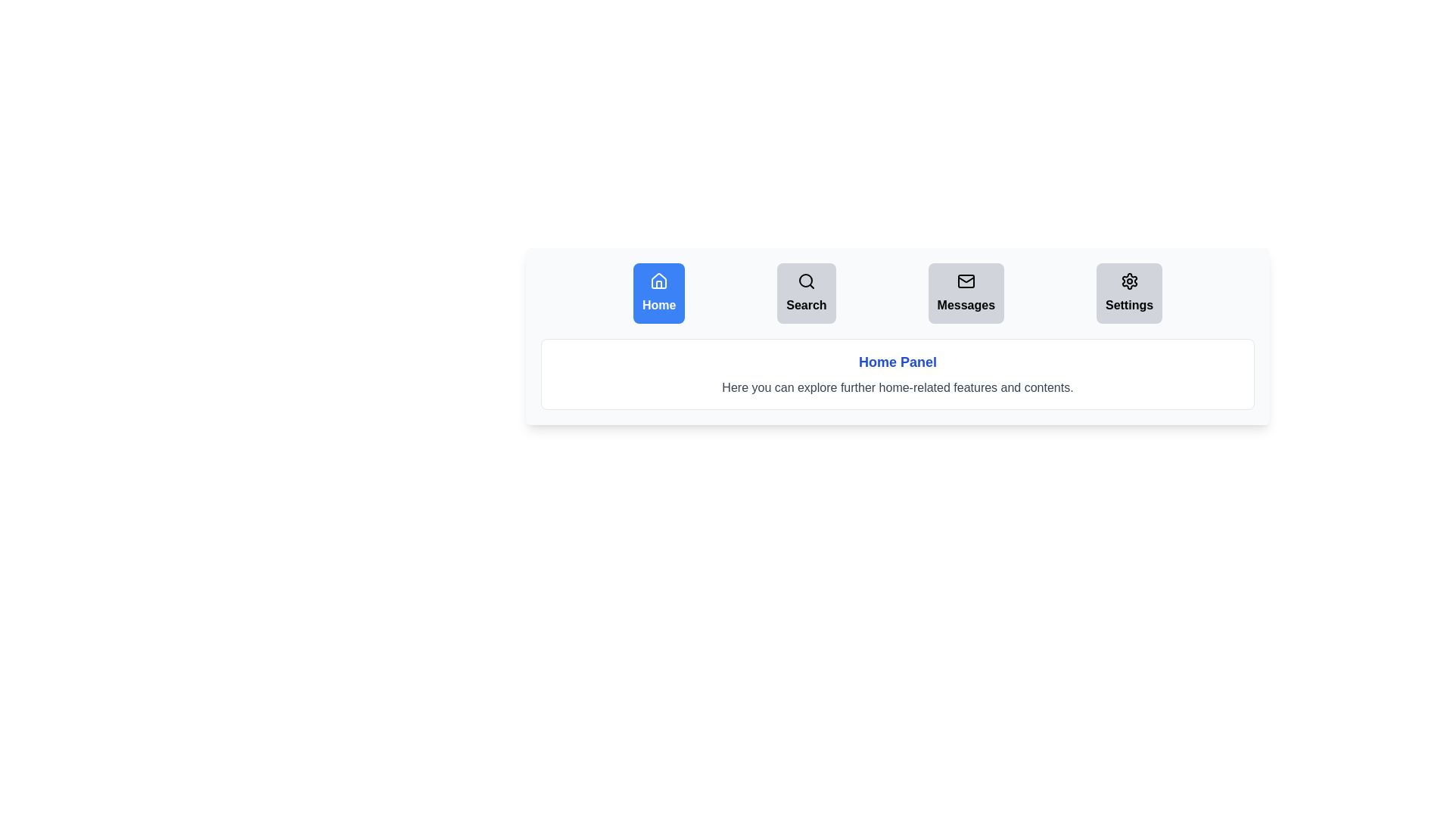 Image resolution: width=1453 pixels, height=817 pixels. Describe the element at coordinates (659, 294) in the screenshot. I see `the first button in the navigation menu that navigates to the Home section` at that location.